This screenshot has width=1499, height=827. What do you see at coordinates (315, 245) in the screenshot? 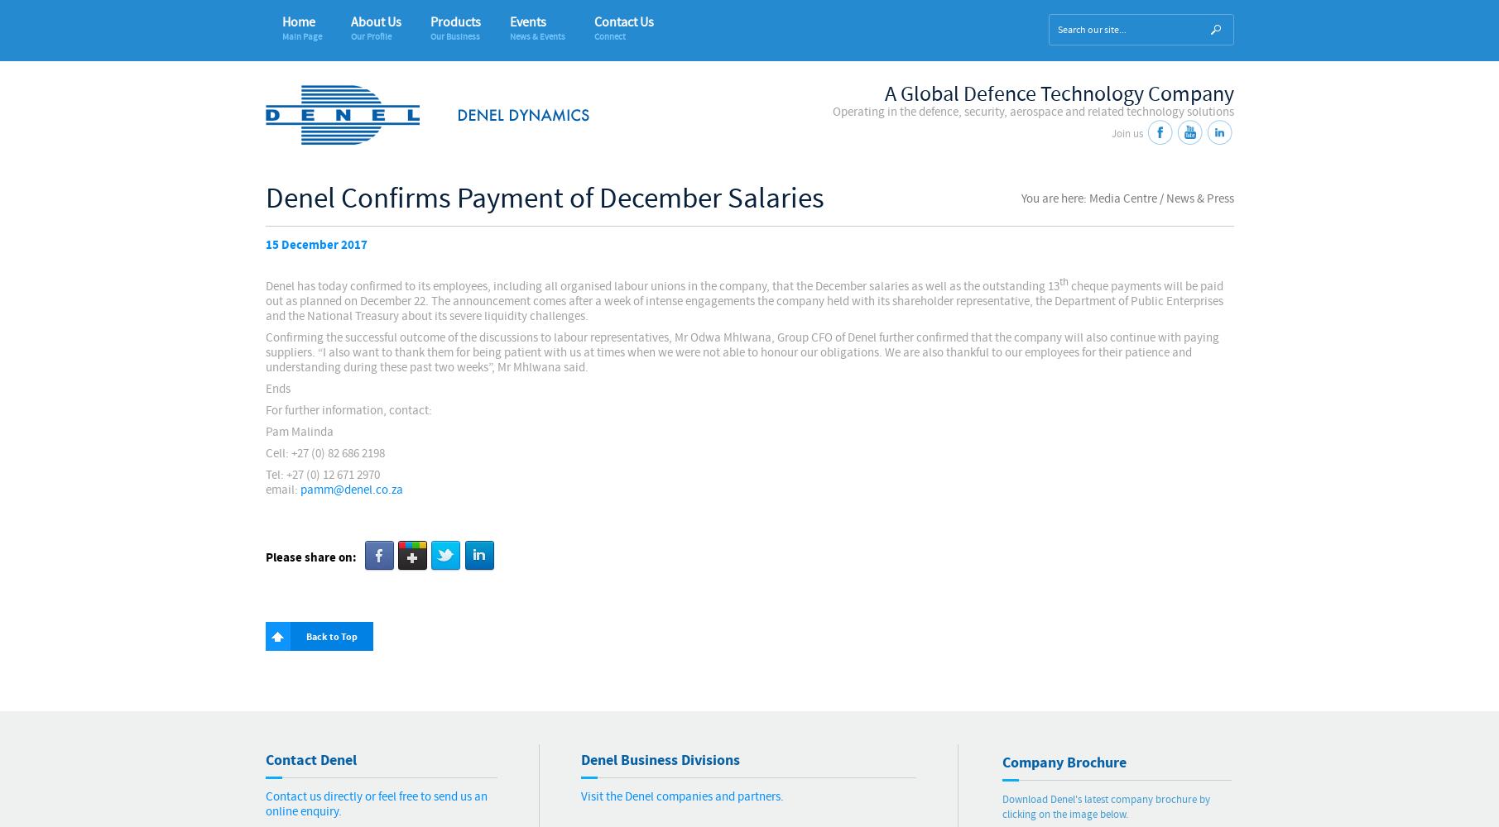
I see `'15 December 2017'` at bounding box center [315, 245].